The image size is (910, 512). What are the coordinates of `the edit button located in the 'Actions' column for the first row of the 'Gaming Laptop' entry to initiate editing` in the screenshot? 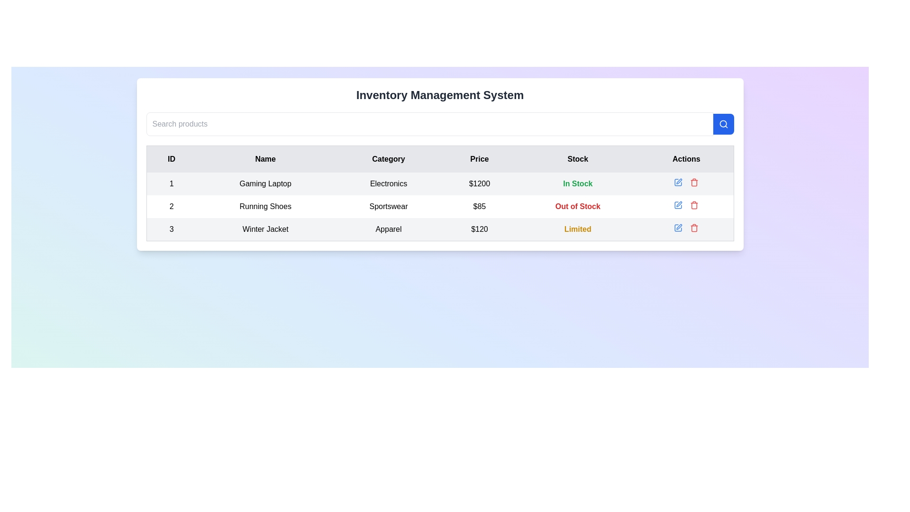 It's located at (678, 183).